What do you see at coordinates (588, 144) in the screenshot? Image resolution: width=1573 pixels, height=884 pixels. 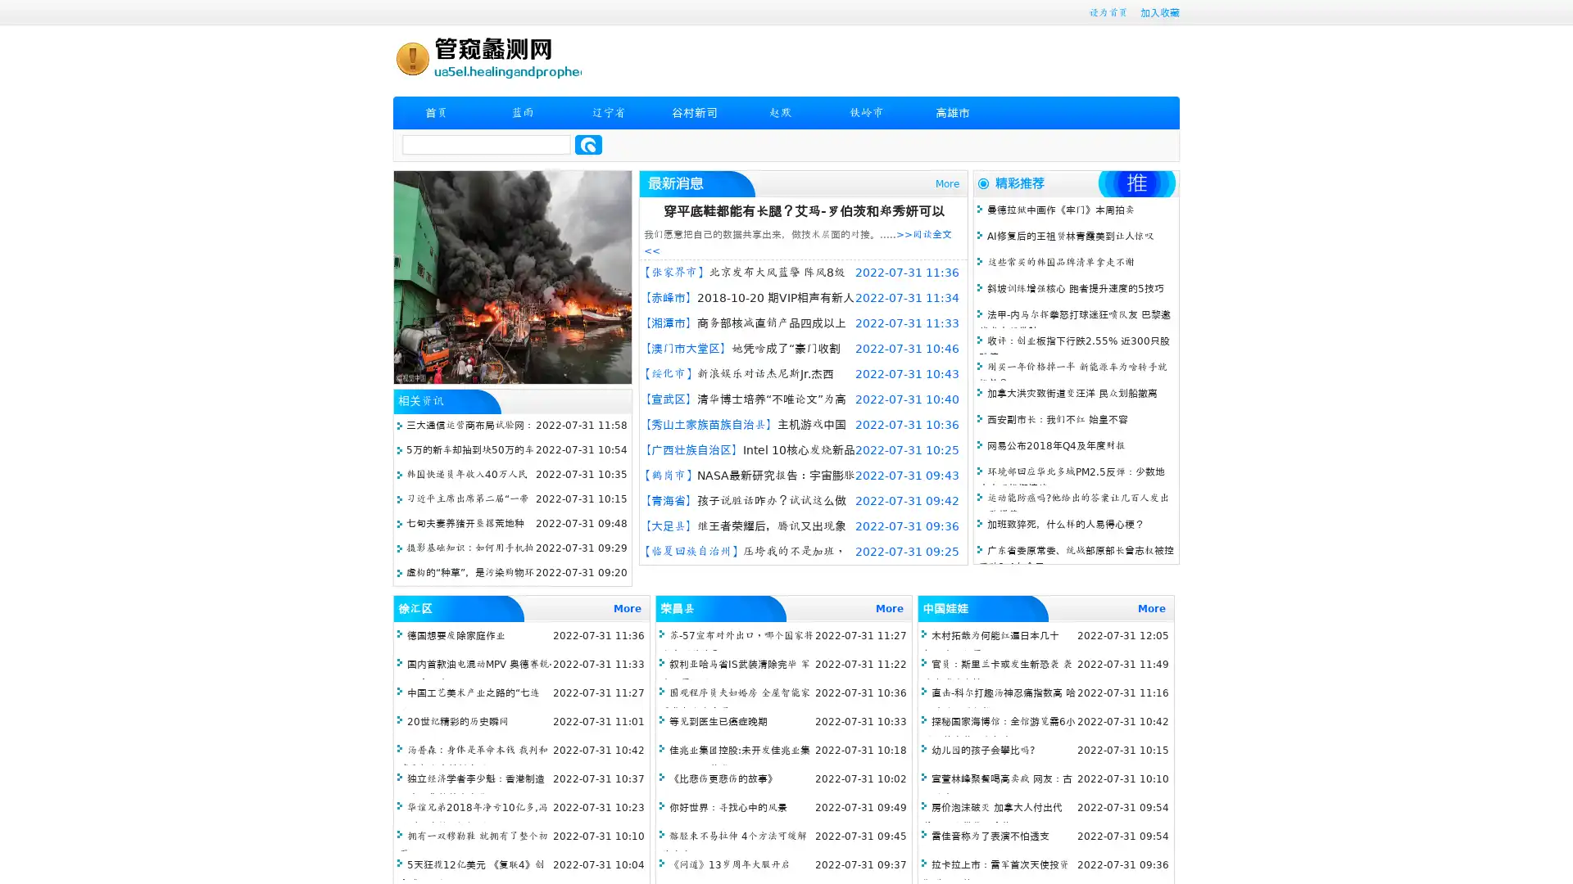 I see `Search` at bounding box center [588, 144].